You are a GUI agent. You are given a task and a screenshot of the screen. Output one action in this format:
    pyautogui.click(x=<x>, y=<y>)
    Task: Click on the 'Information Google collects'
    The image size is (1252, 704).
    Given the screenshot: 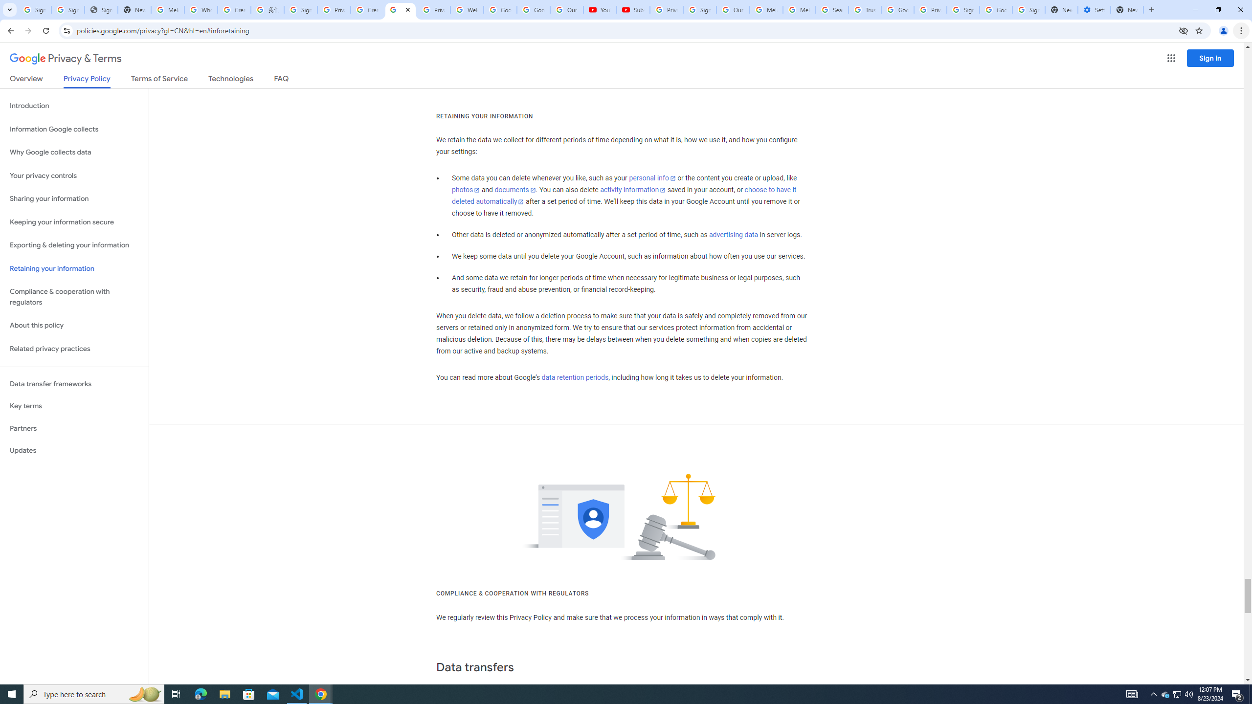 What is the action you would take?
    pyautogui.click(x=74, y=129)
    